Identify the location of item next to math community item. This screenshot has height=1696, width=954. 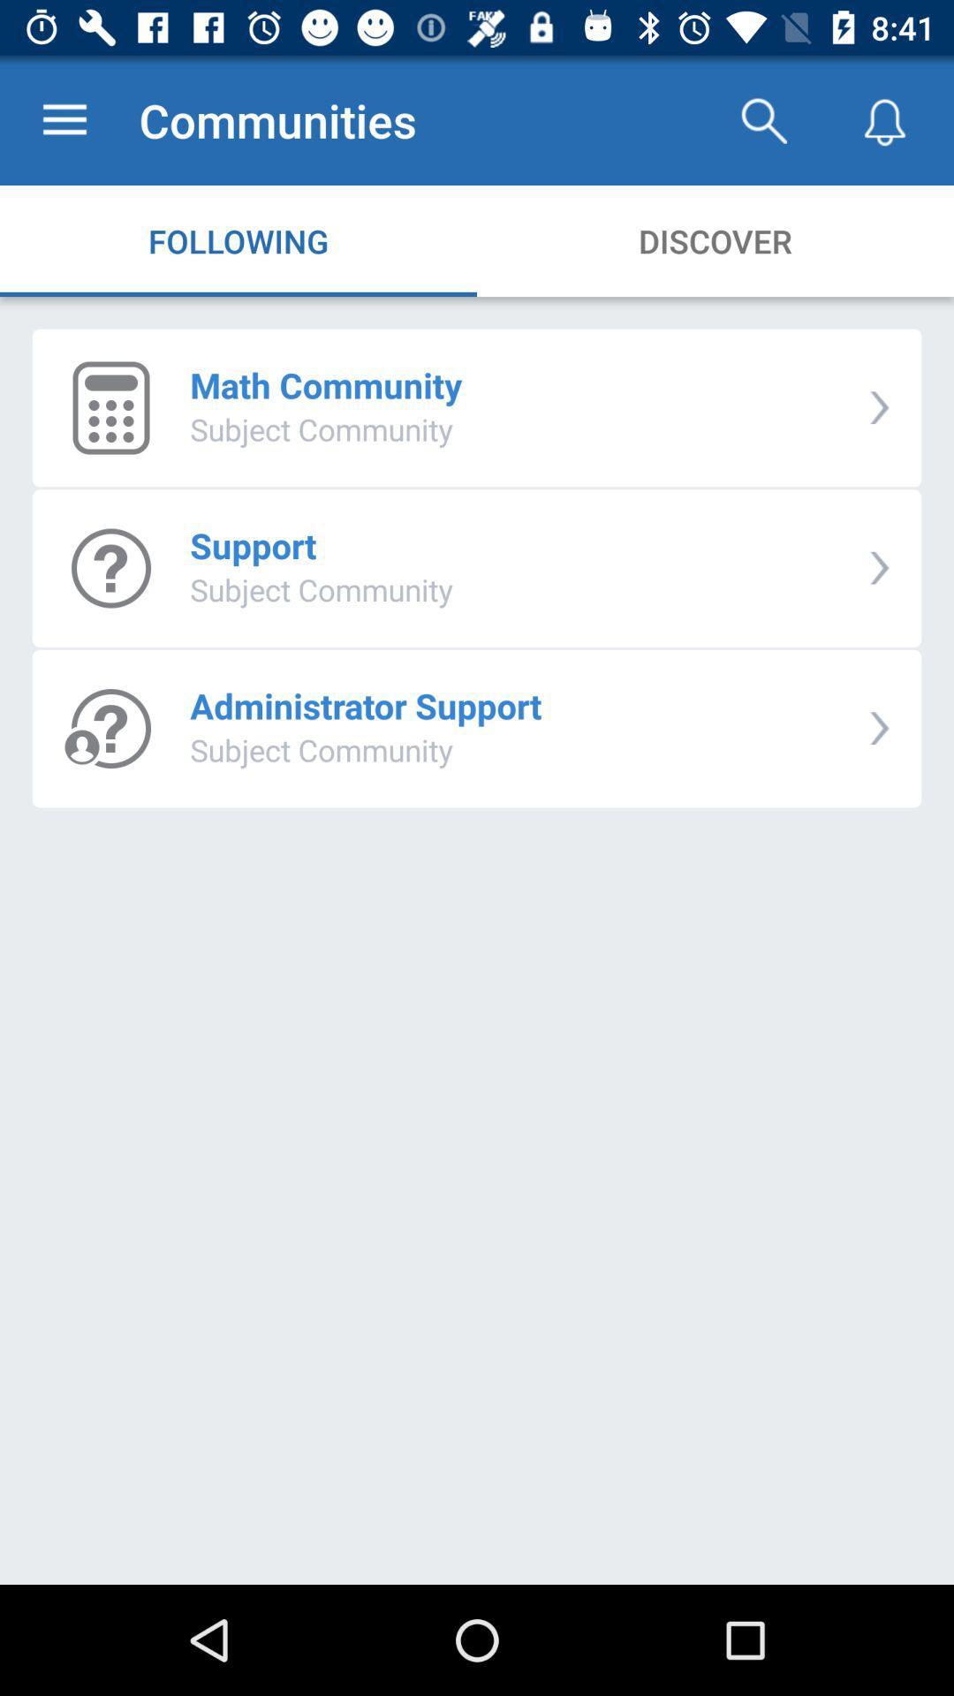
(879, 406).